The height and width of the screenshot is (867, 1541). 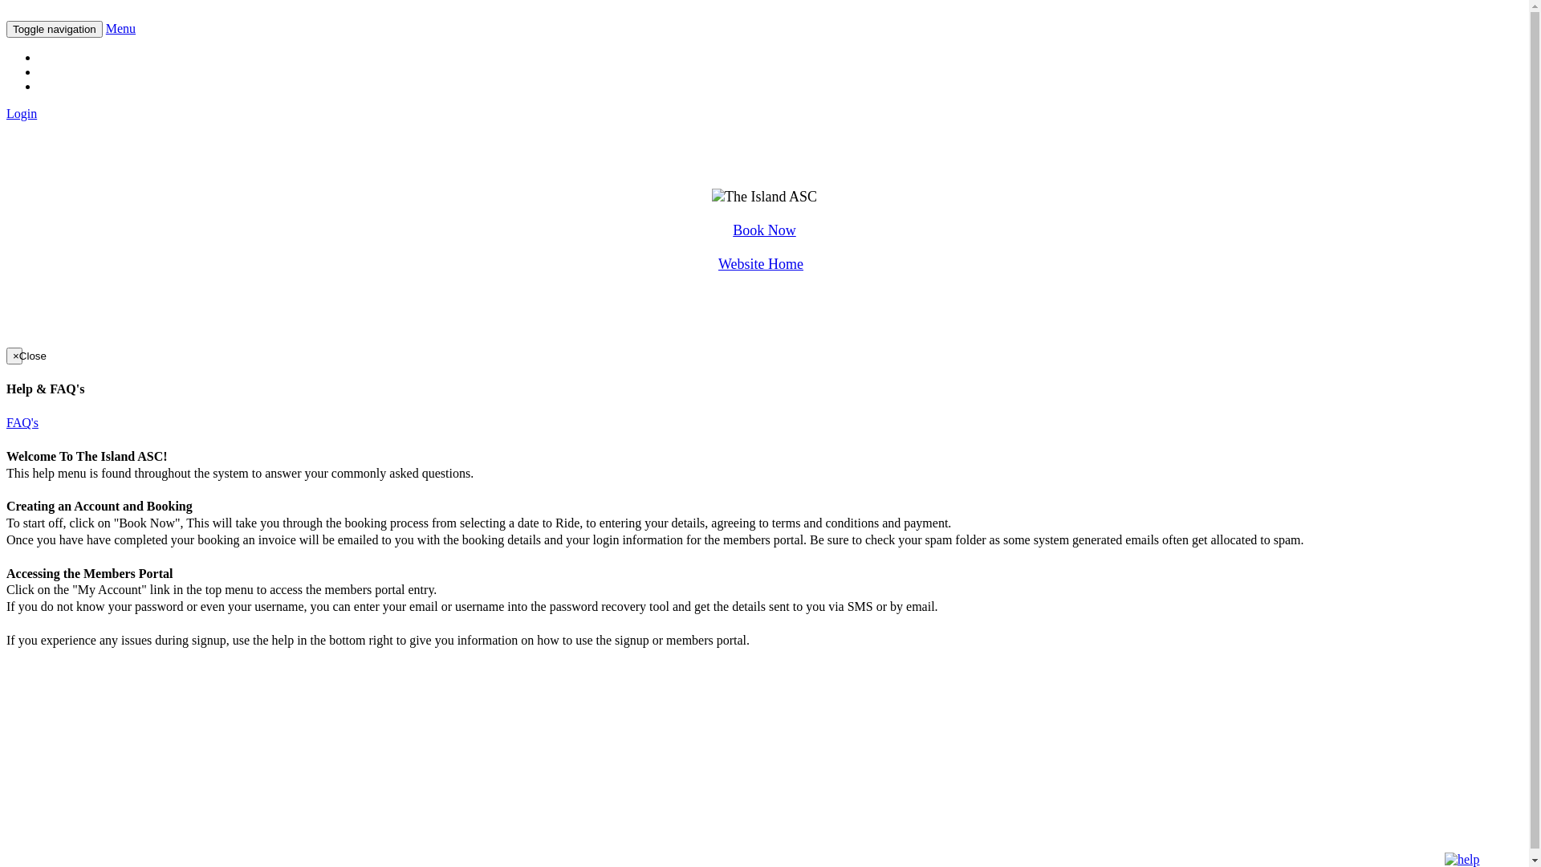 I want to click on 'Admin', so click(x=56, y=86).